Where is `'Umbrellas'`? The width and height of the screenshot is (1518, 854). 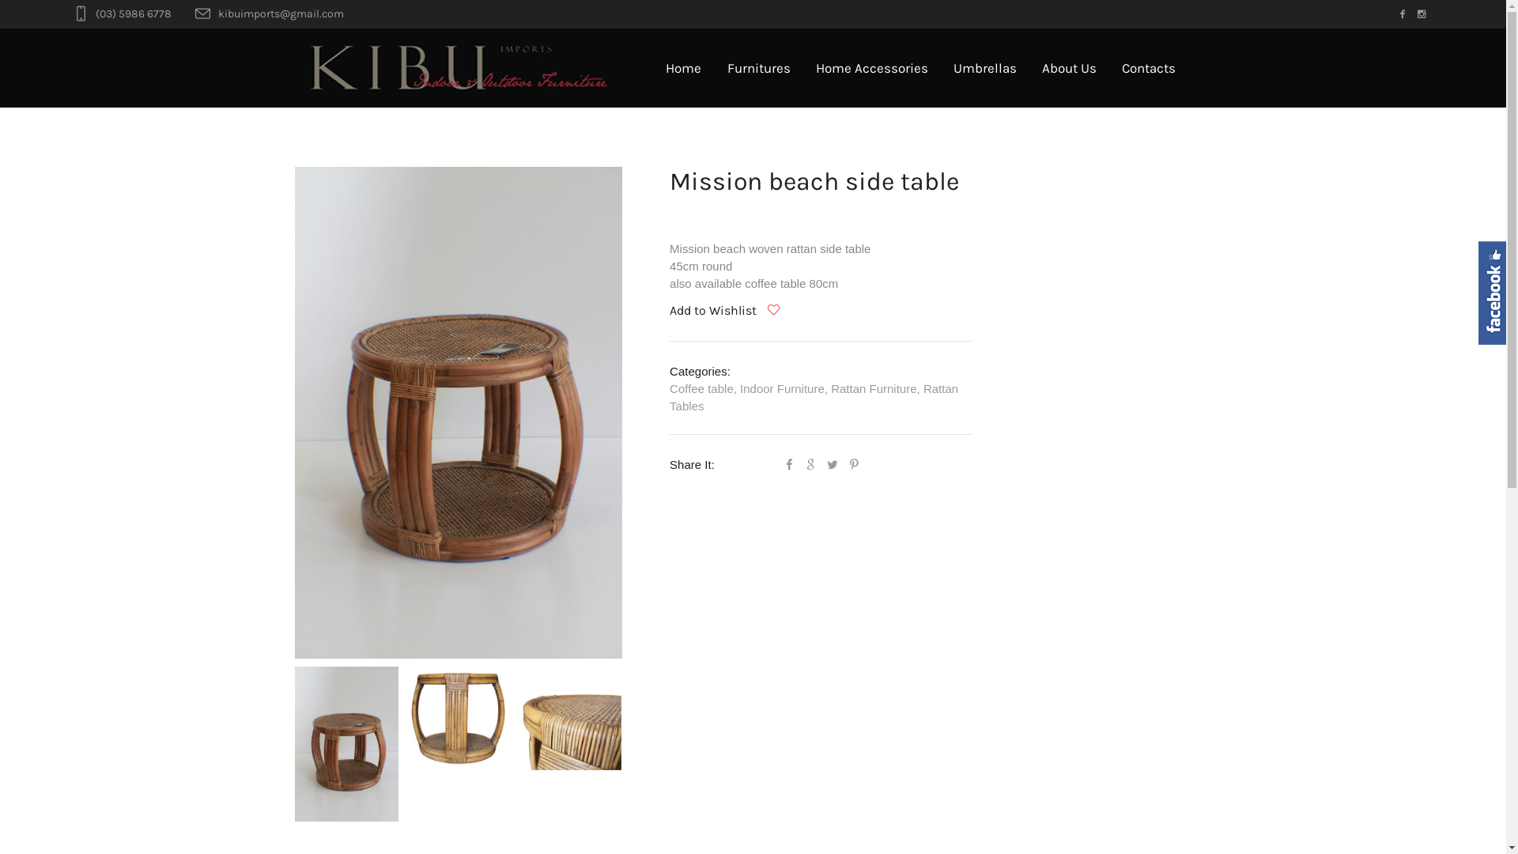
'Umbrellas' is located at coordinates (984, 66).